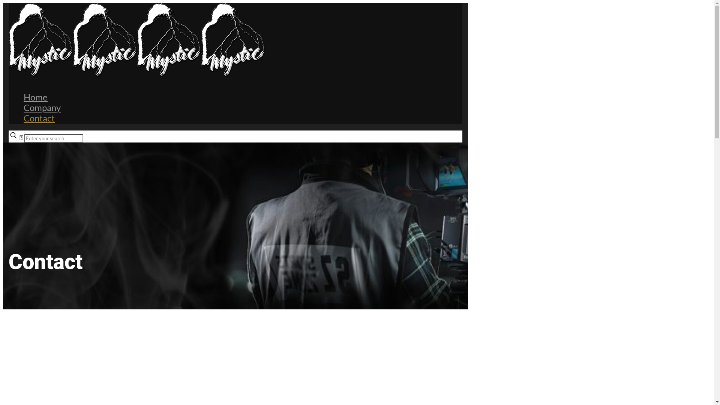 The width and height of the screenshot is (720, 405). Describe the element at coordinates (42, 107) in the screenshot. I see `'Company'` at that location.